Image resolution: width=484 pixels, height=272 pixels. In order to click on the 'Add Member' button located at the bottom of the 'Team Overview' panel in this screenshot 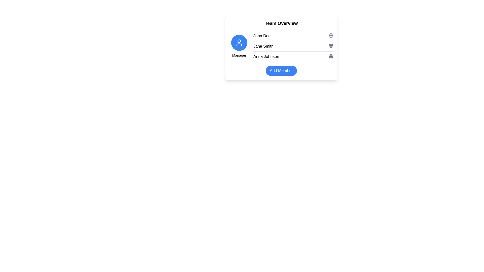, I will do `click(281, 71)`.